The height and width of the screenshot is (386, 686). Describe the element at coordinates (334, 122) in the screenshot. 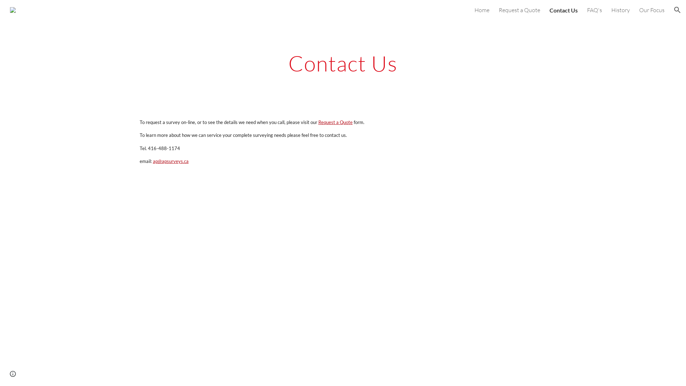

I see `'Request a Quote'` at that location.